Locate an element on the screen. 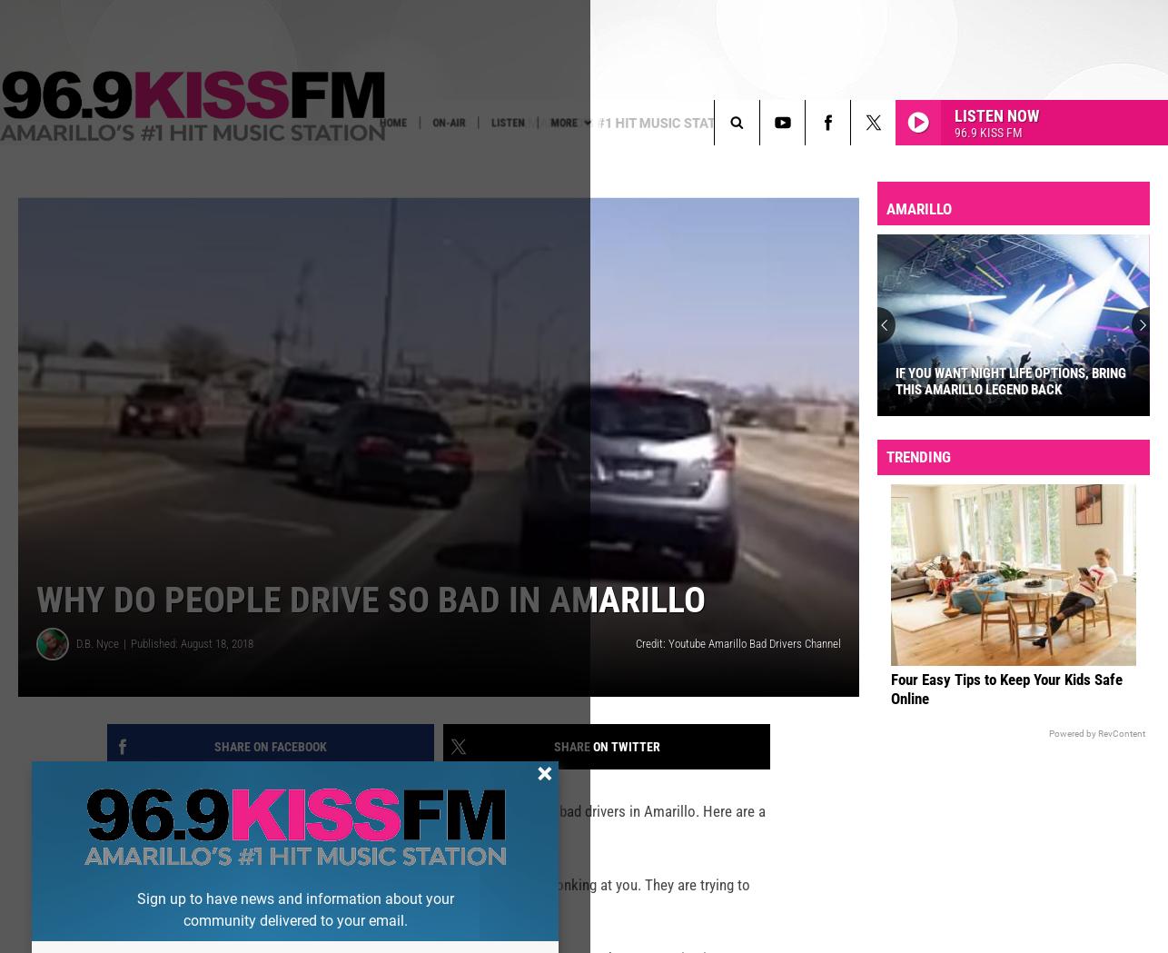 The width and height of the screenshot is (1168, 953). 'Download Our App' is located at coordinates (215, 159).